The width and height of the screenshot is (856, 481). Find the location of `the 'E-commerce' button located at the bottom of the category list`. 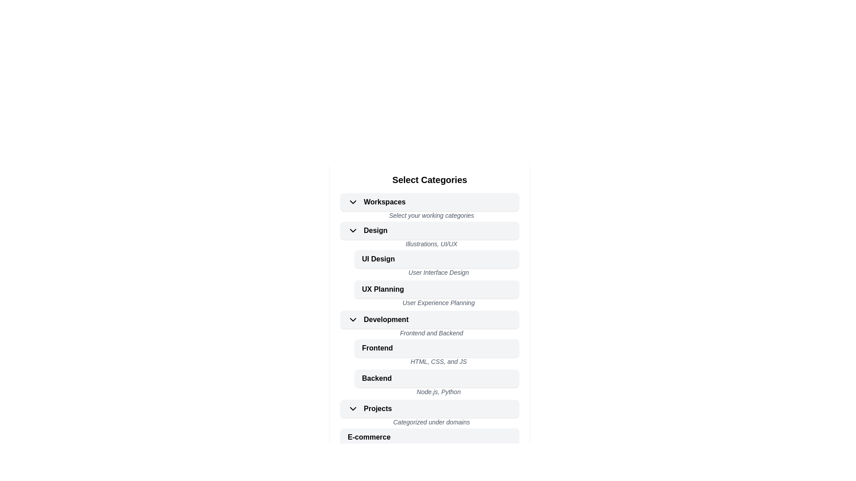

the 'E-commerce' button located at the bottom of the category list is located at coordinates (430, 437).